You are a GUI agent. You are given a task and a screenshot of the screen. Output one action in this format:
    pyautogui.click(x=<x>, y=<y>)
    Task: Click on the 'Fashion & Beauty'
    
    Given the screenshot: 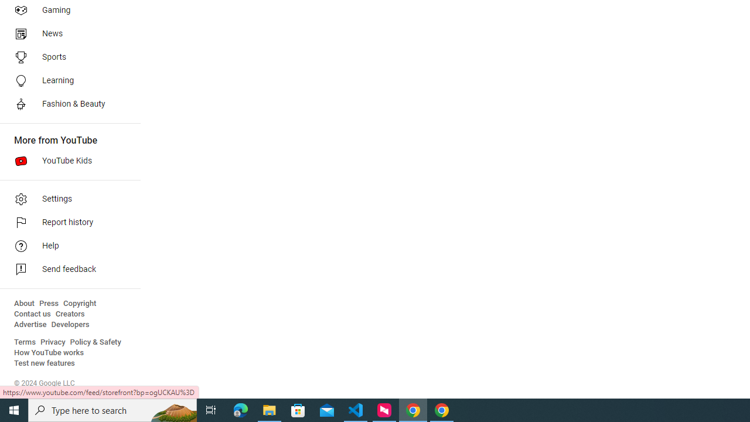 What is the action you would take?
    pyautogui.click(x=66, y=103)
    